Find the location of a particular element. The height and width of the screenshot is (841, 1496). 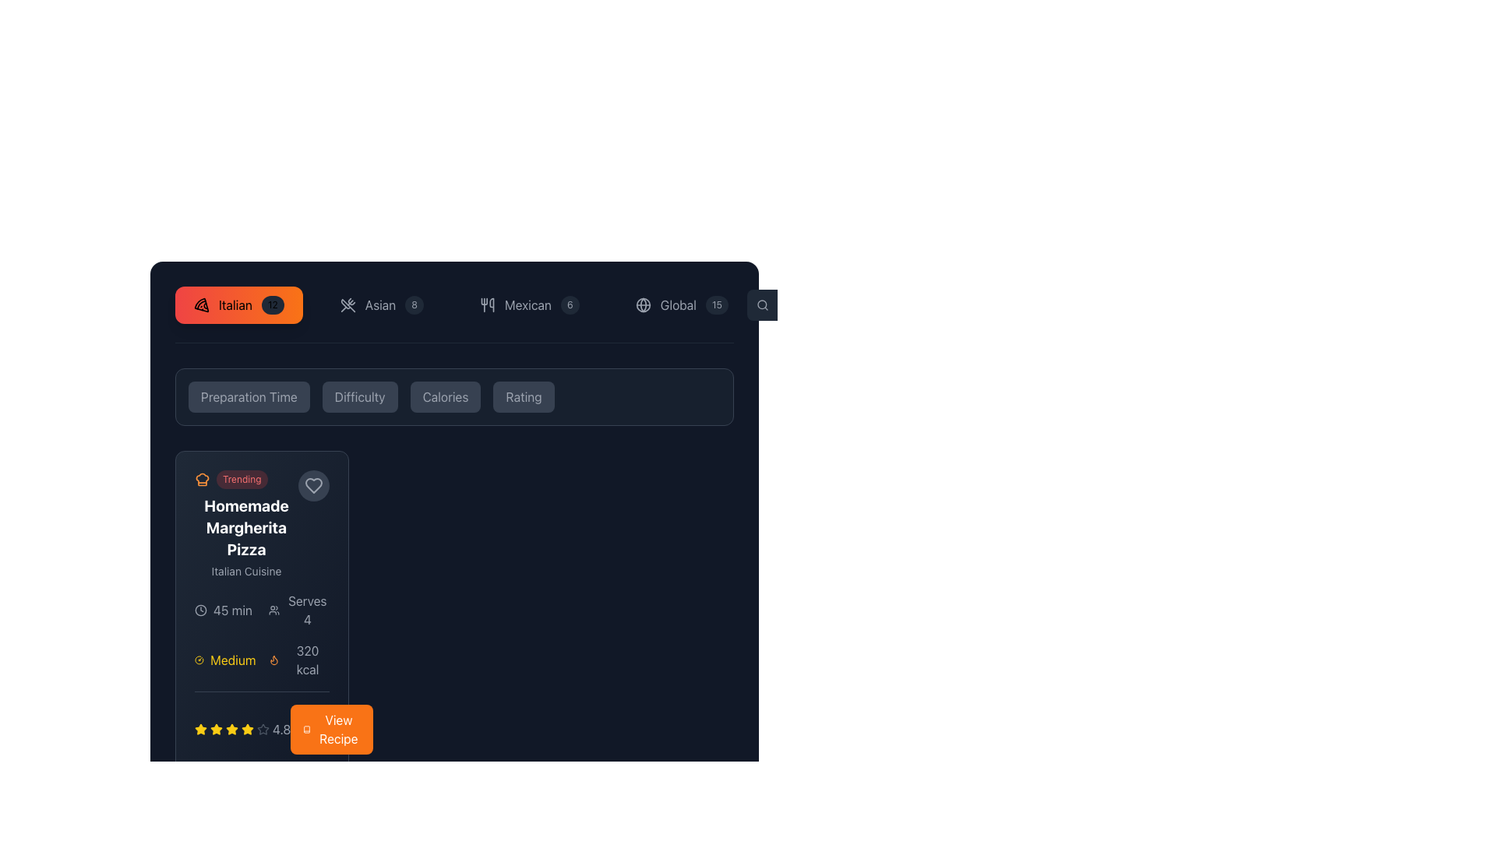

the small circular gauge icon with a yellow outline, which is located to the left of the 'Medium' text in the difficulty level indicator is located at coordinates (199, 660).